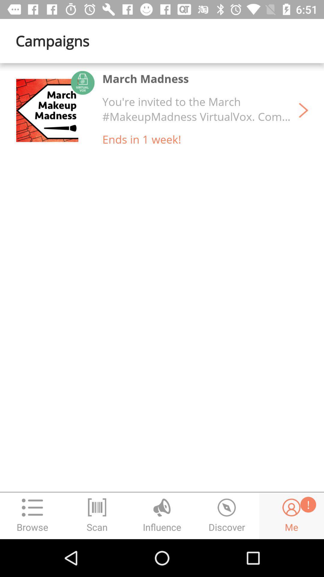 The height and width of the screenshot is (577, 324). Describe the element at coordinates (145, 78) in the screenshot. I see `march madness icon` at that location.